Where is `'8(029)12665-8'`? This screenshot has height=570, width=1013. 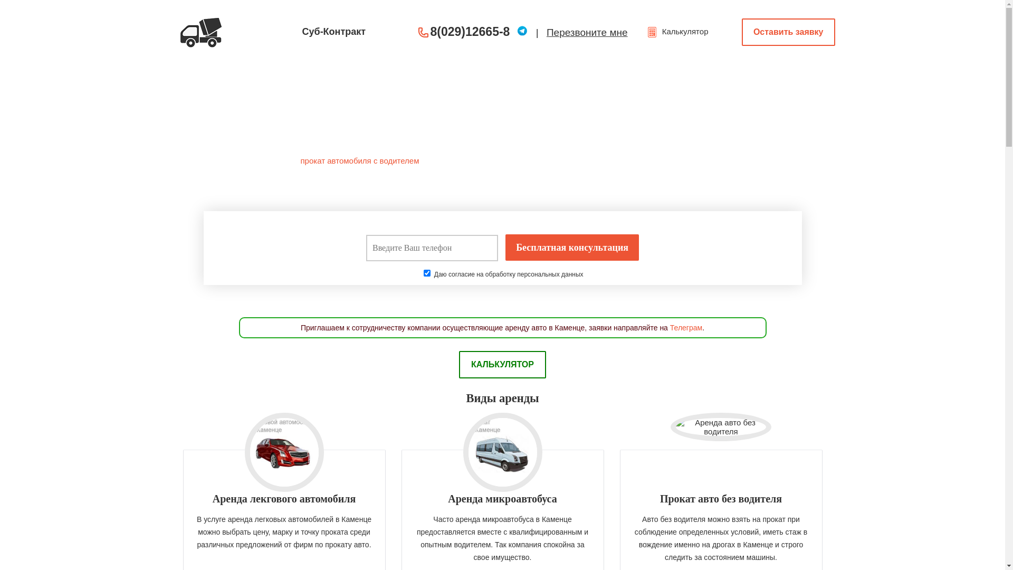 '8(029)12665-8' is located at coordinates (470, 31).